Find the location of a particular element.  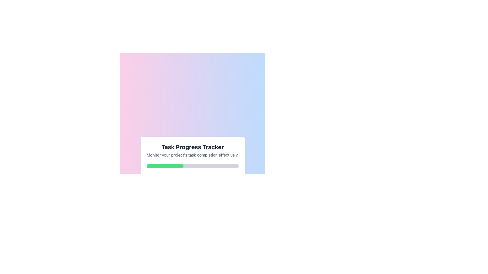

the green progress bar fill segment that occupies approximately 40% of the larger gray progress bar, located below the 'Task Progress Tracker' label is located at coordinates (165, 166).